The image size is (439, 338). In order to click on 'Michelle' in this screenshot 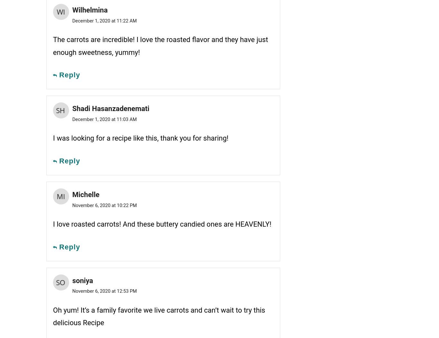, I will do `click(86, 194)`.